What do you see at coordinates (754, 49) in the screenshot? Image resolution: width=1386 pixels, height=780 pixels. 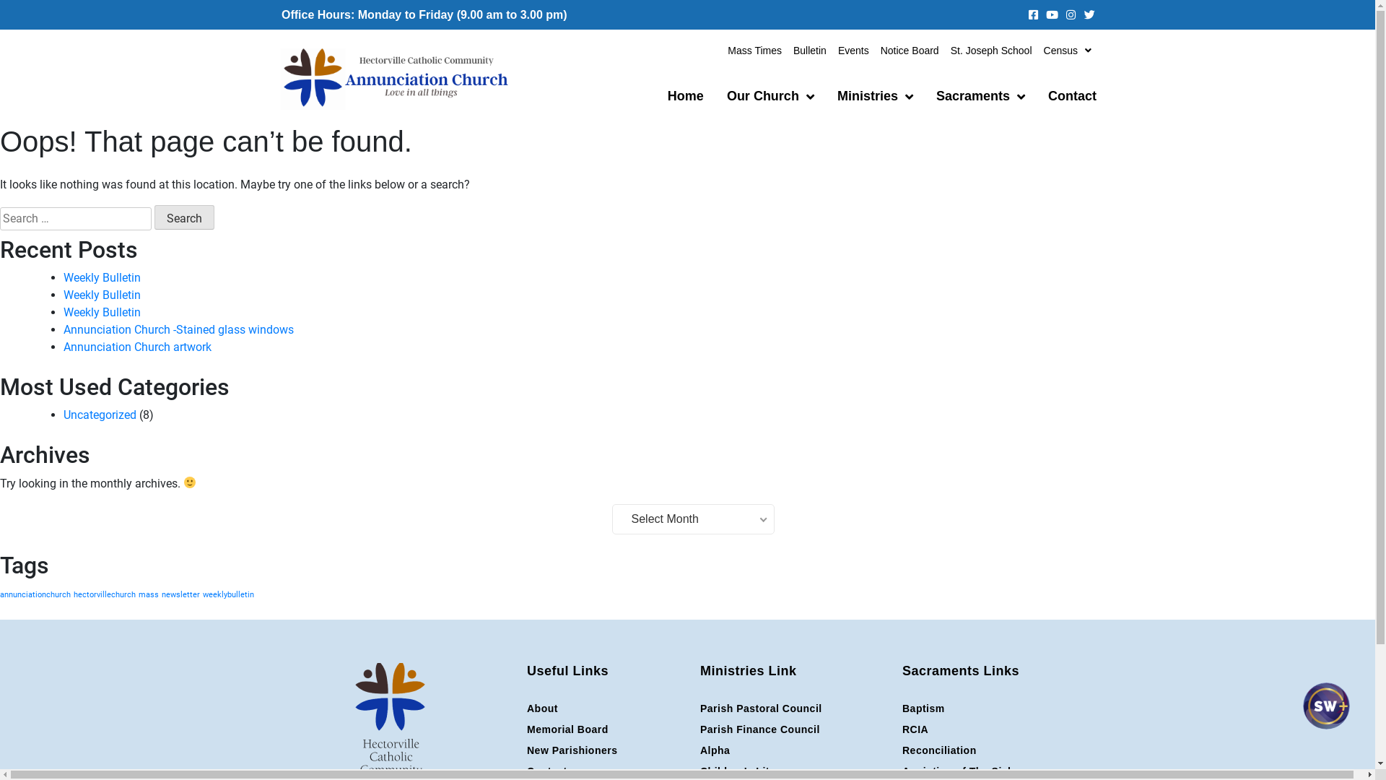 I see `'Mass Times'` at bounding box center [754, 49].